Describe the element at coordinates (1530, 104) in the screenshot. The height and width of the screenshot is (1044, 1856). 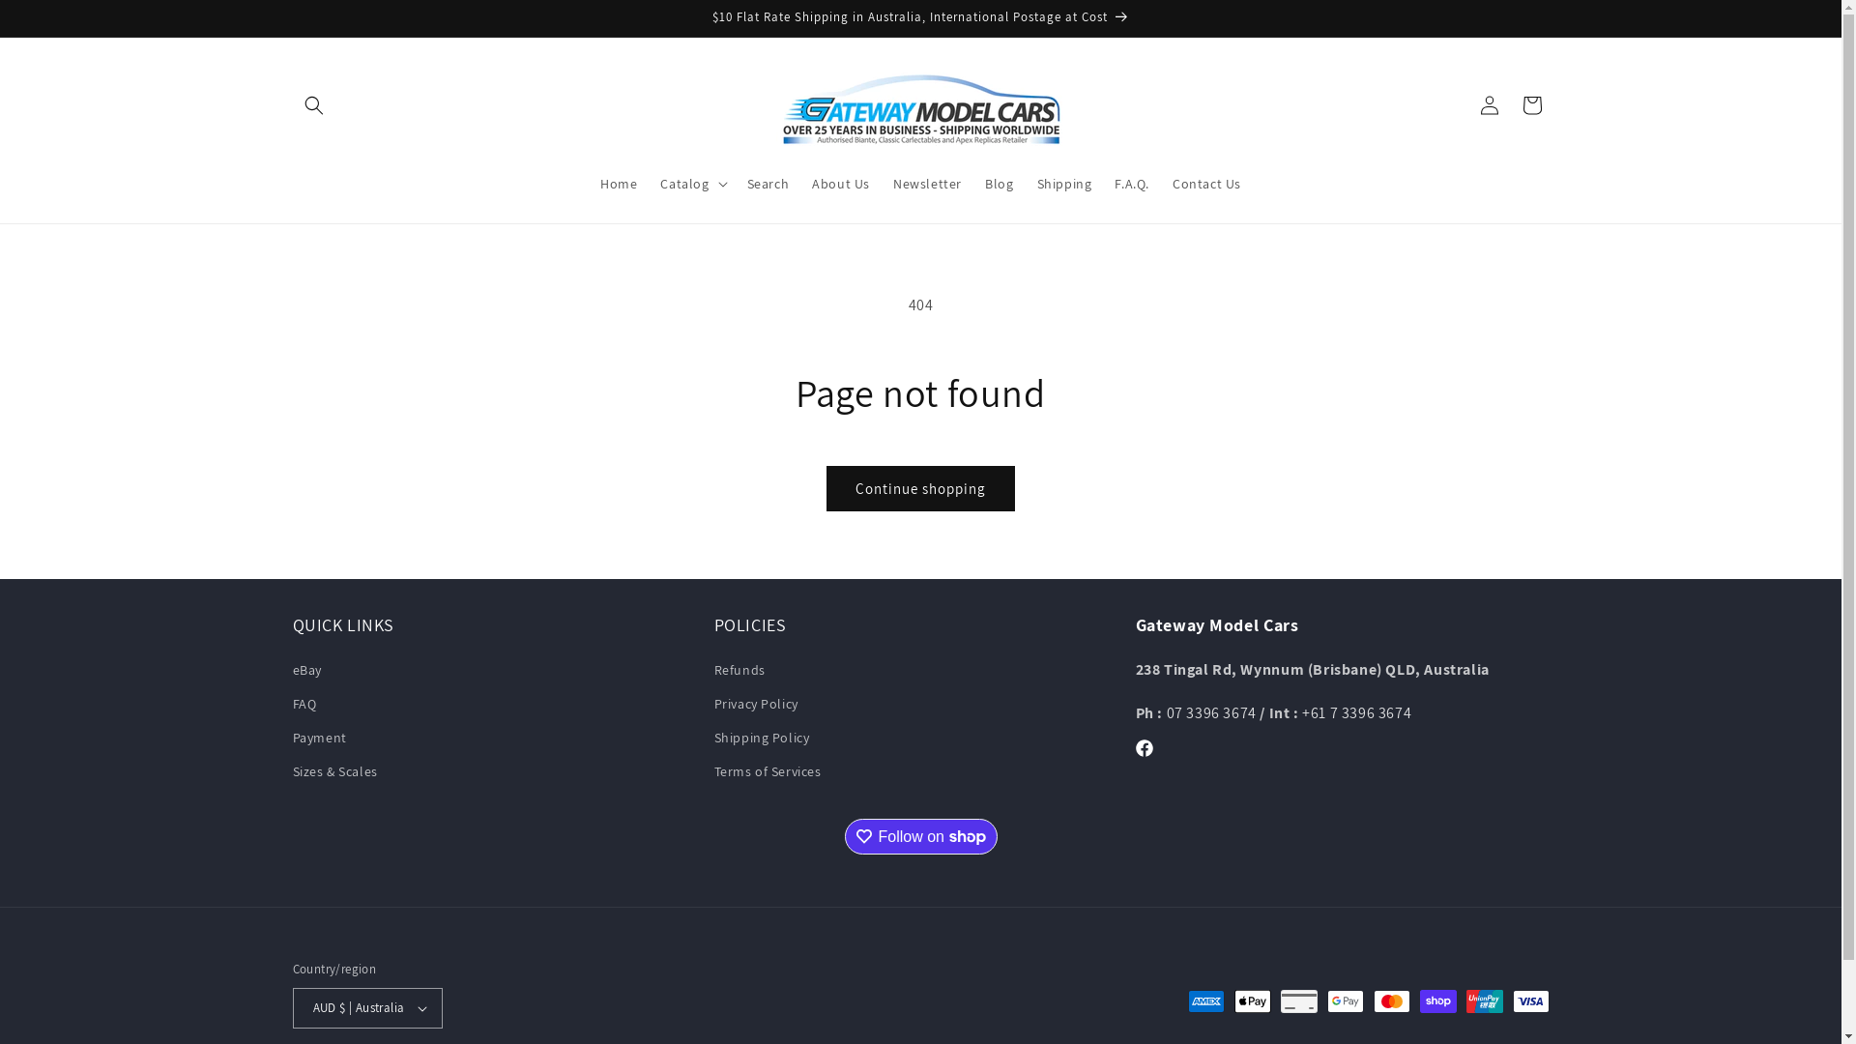
I see `'Cart'` at that location.